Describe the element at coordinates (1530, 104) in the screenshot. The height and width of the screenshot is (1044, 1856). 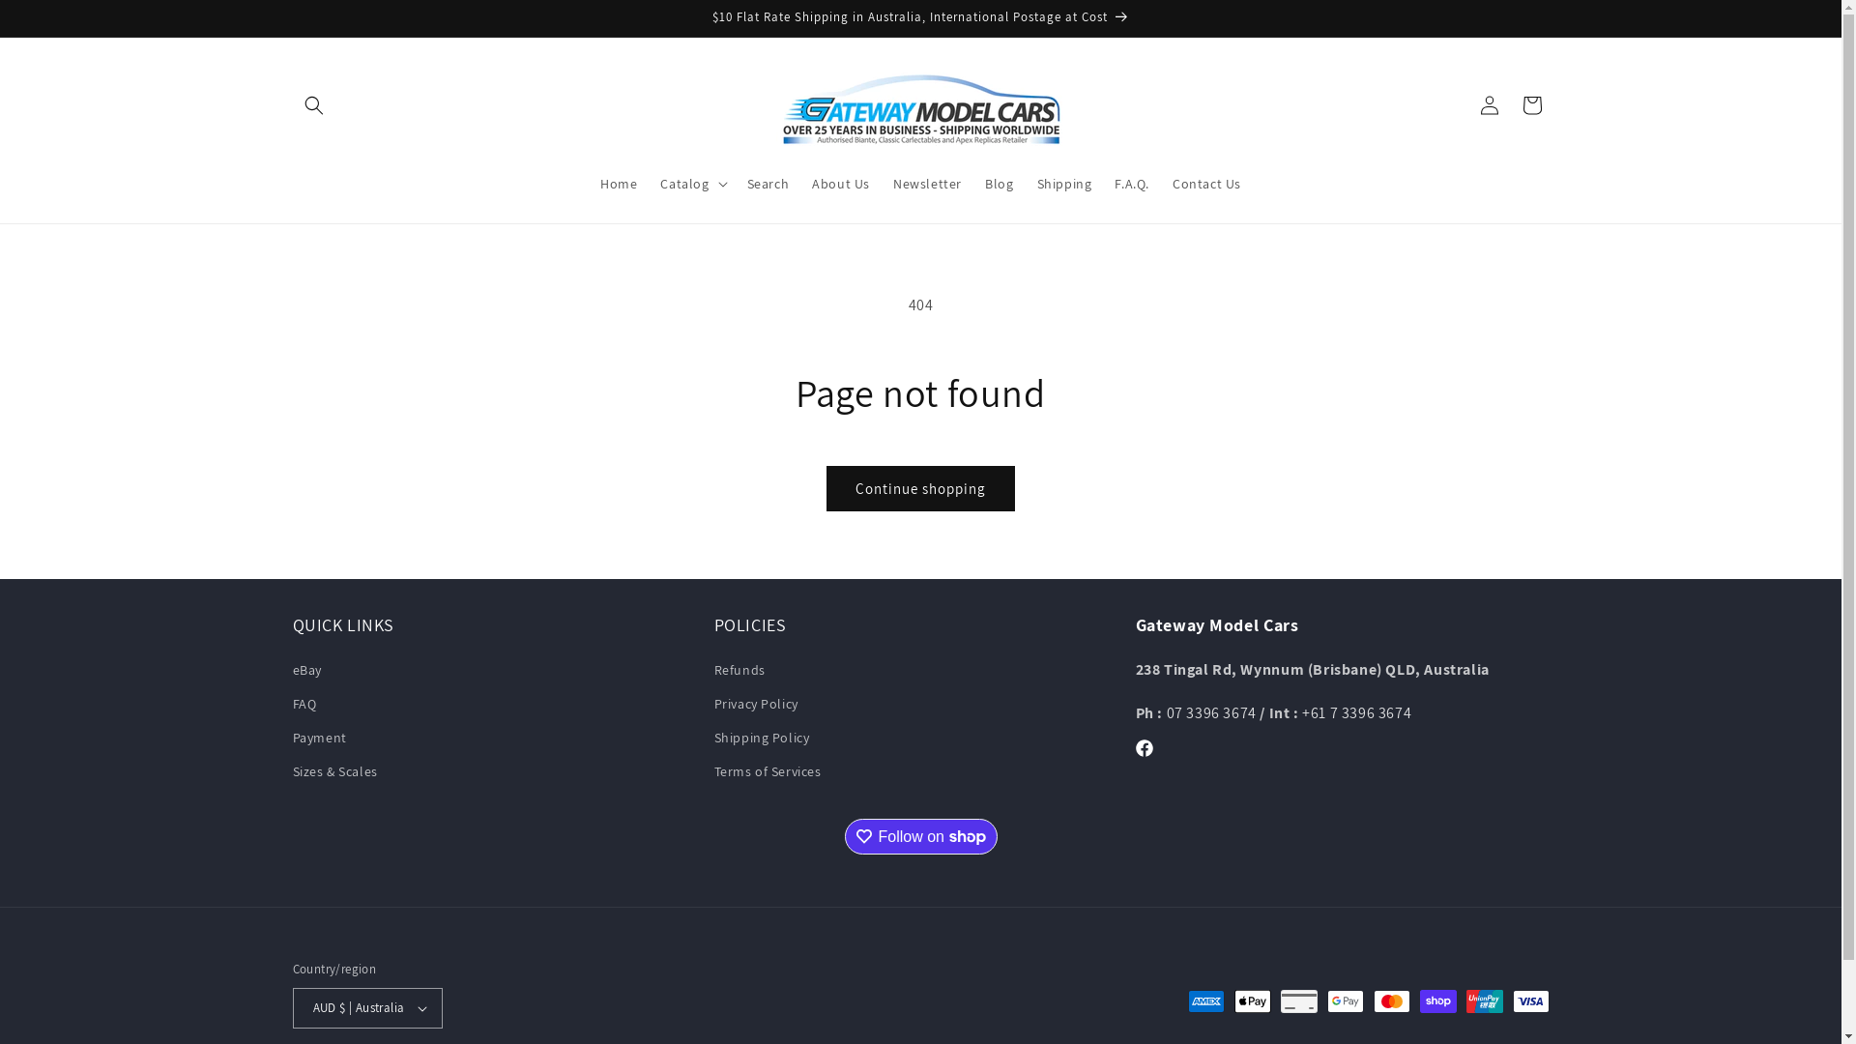
I see `'Cart'` at that location.